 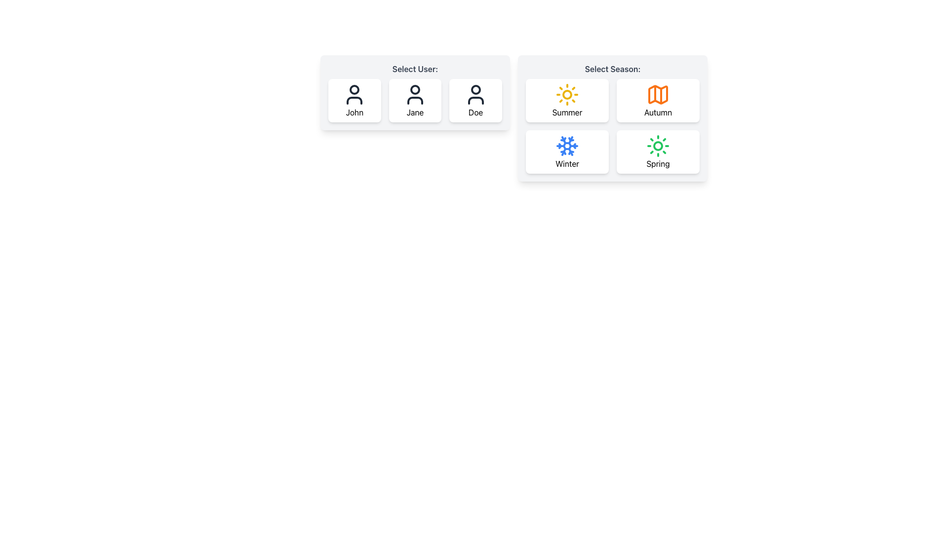 I want to click on the button that allows users to select 'Jane' as the chosen user, which is the second button in a set of three user selection buttons under the 'Select User:' label, so click(x=415, y=93).